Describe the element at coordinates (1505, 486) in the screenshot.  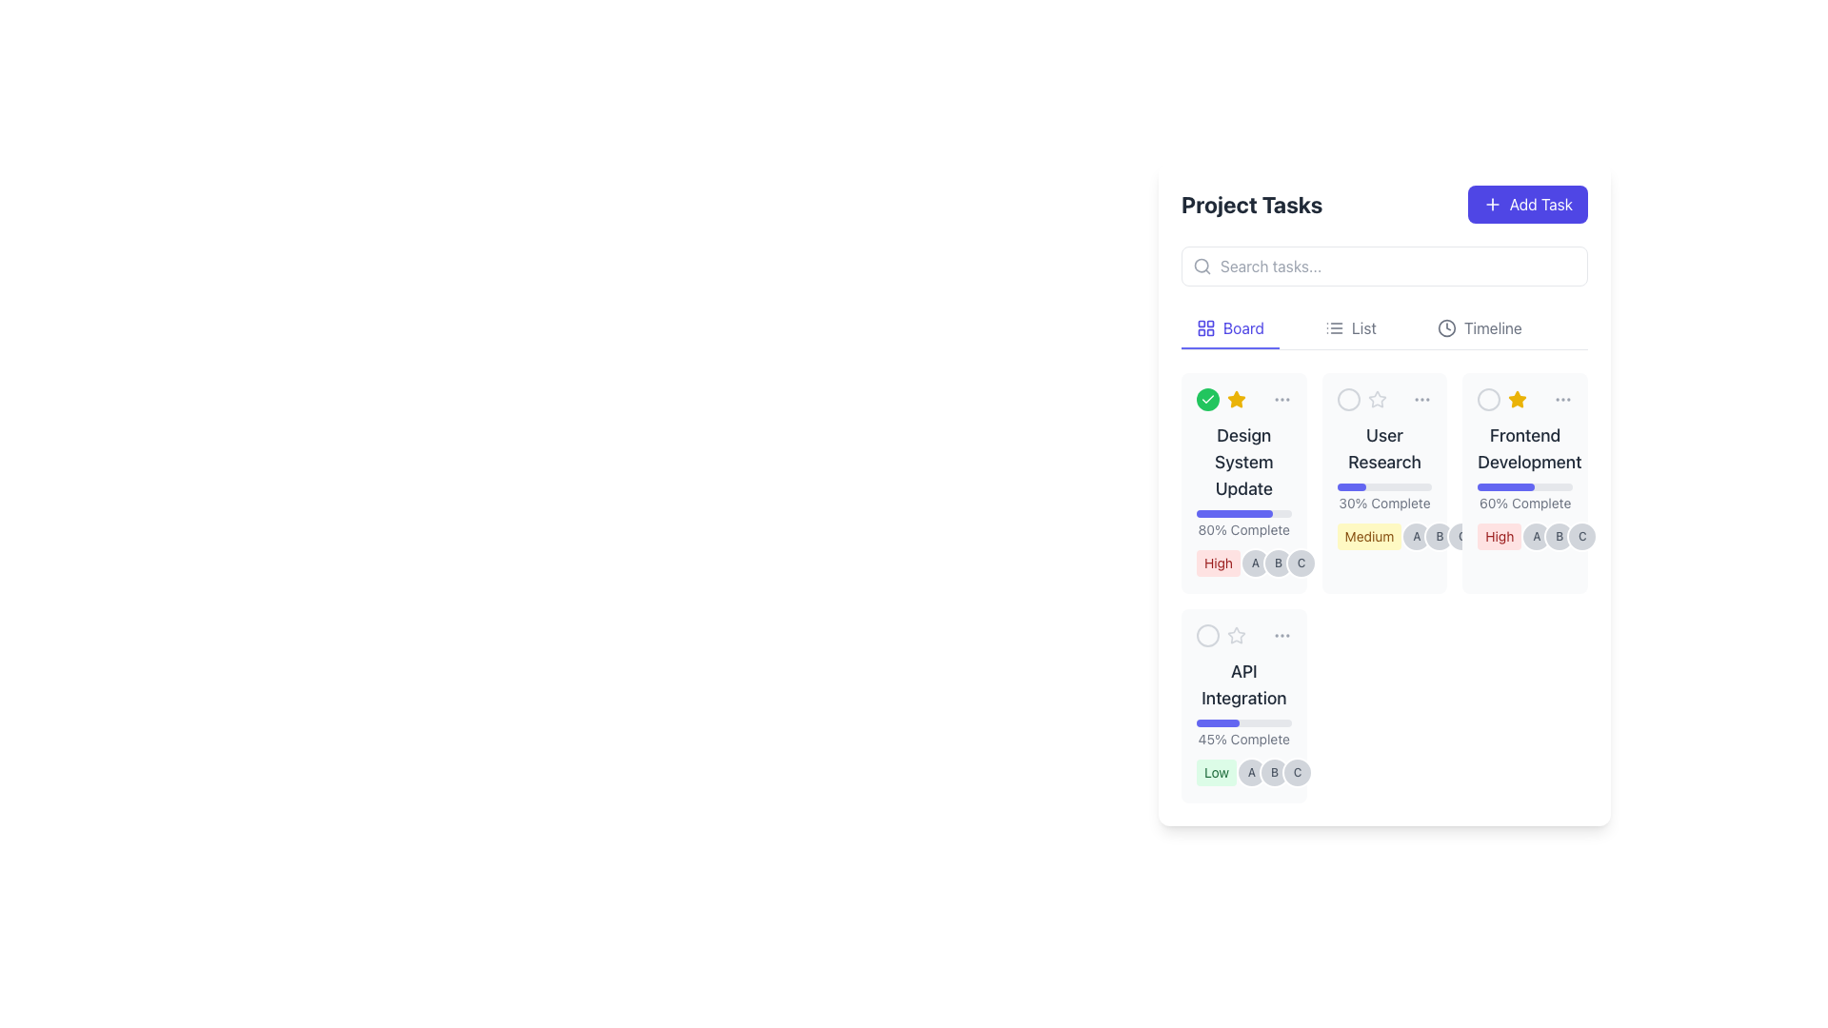
I see `indigo colored progress bar segment representing 60% completion within the 'Frontend Development' task card for styles or values` at that location.